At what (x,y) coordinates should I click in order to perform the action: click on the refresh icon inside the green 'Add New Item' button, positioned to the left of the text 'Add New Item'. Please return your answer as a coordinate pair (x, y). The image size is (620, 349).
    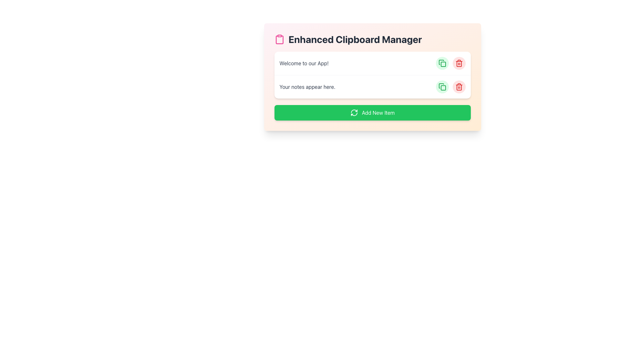
    Looking at the image, I should click on (354, 112).